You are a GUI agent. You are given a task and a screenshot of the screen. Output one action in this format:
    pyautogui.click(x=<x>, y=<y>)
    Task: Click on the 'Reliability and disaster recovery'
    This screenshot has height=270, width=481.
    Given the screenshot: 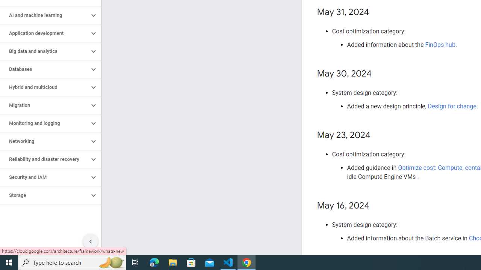 What is the action you would take?
    pyautogui.click(x=44, y=159)
    